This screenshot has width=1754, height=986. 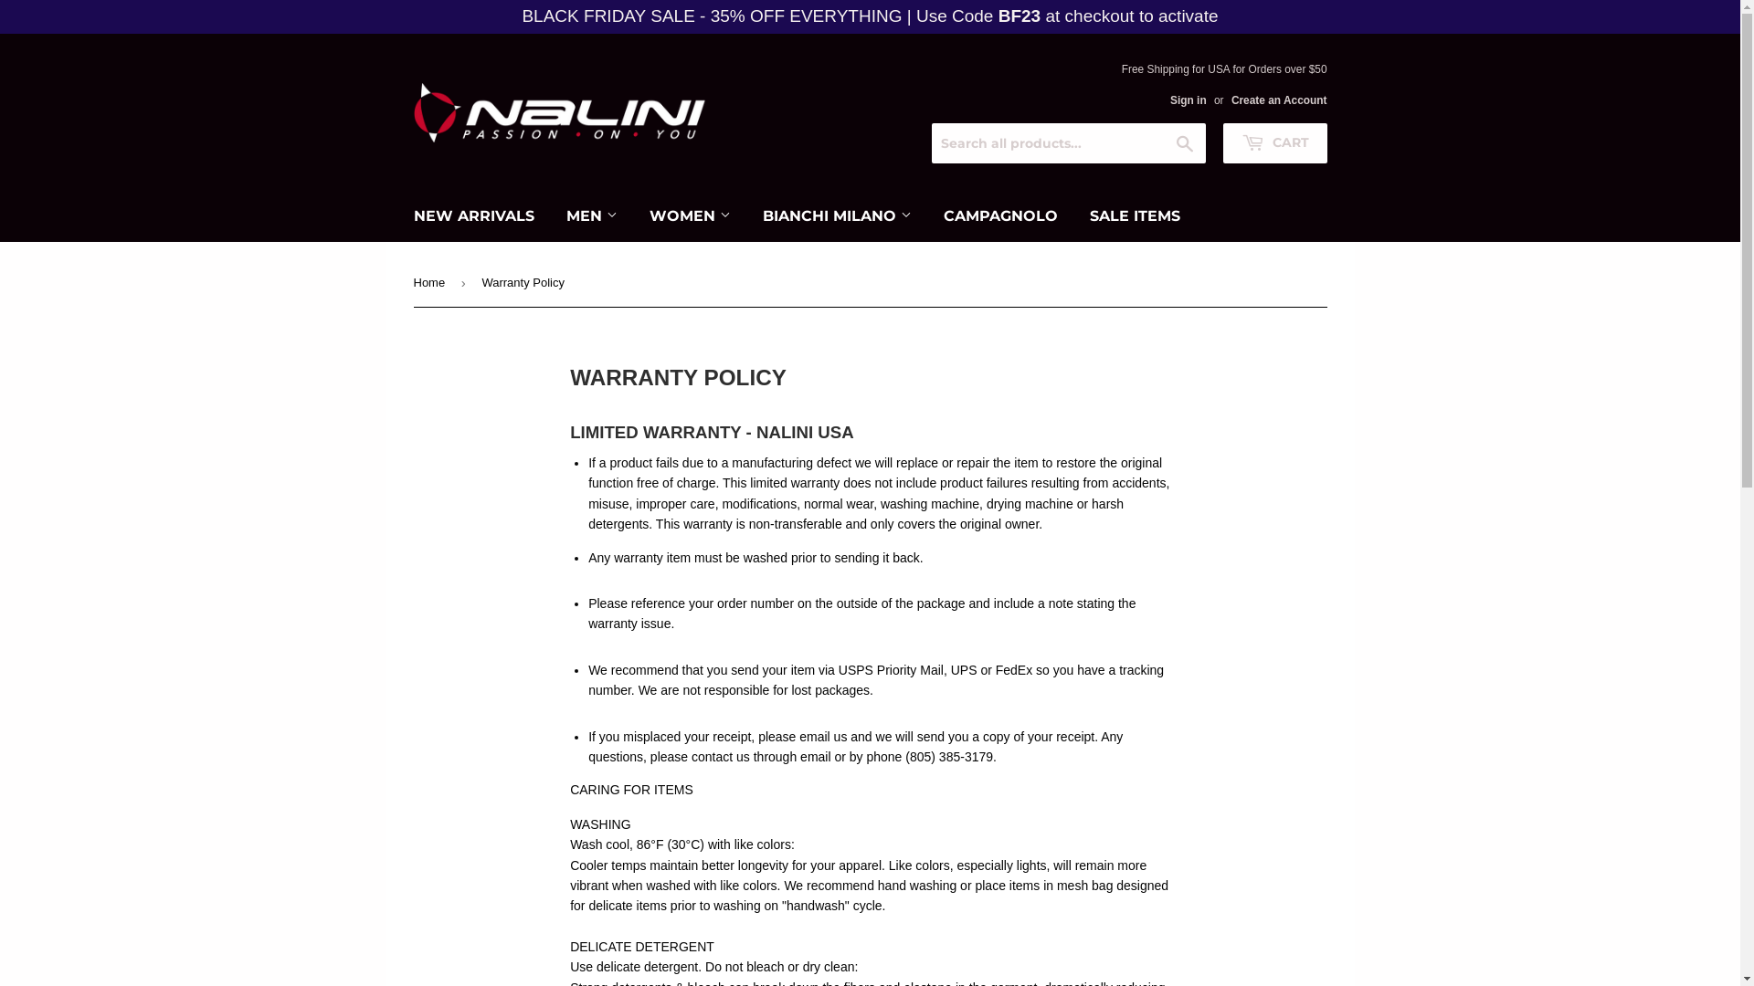 What do you see at coordinates (591, 215) in the screenshot?
I see `'MEN'` at bounding box center [591, 215].